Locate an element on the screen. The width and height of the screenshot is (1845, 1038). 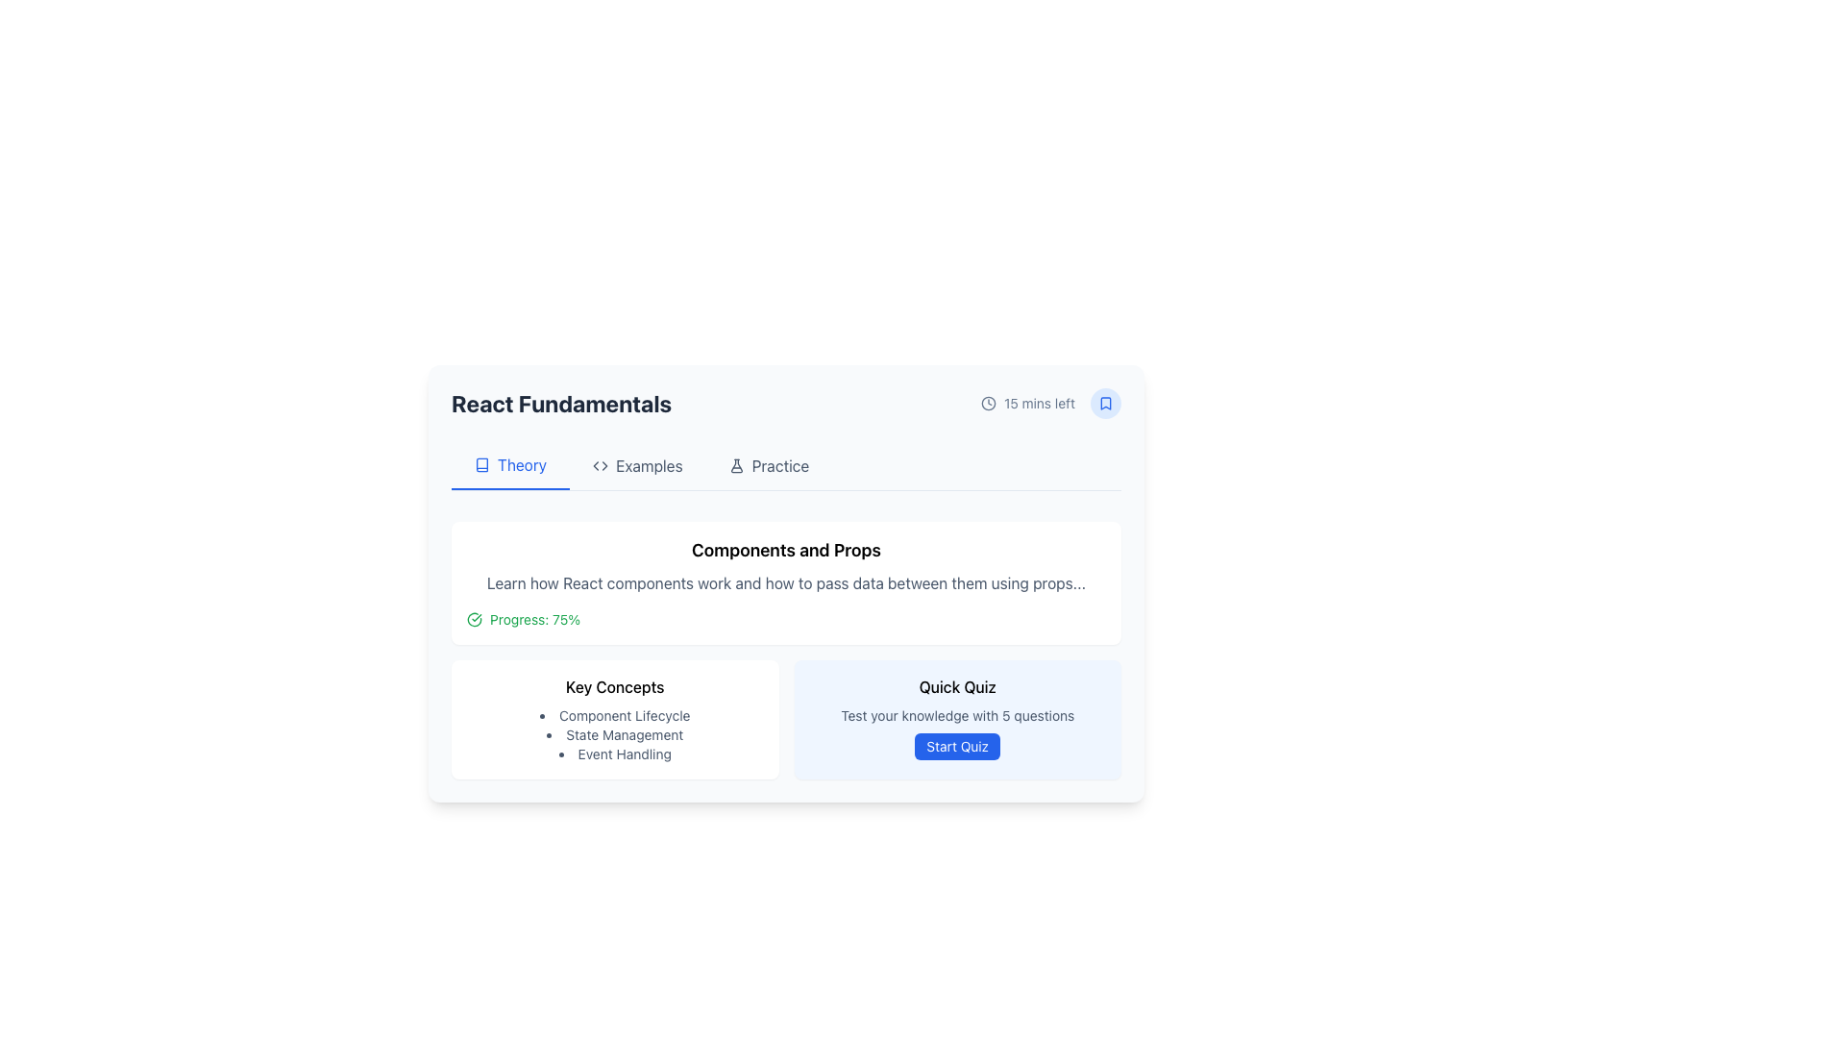
the blue rectangular button with rounded corners and white text reading 'Start Quiz' located in the bottom-right corner of the 'Quick Quiz' card is located at coordinates (957, 745).